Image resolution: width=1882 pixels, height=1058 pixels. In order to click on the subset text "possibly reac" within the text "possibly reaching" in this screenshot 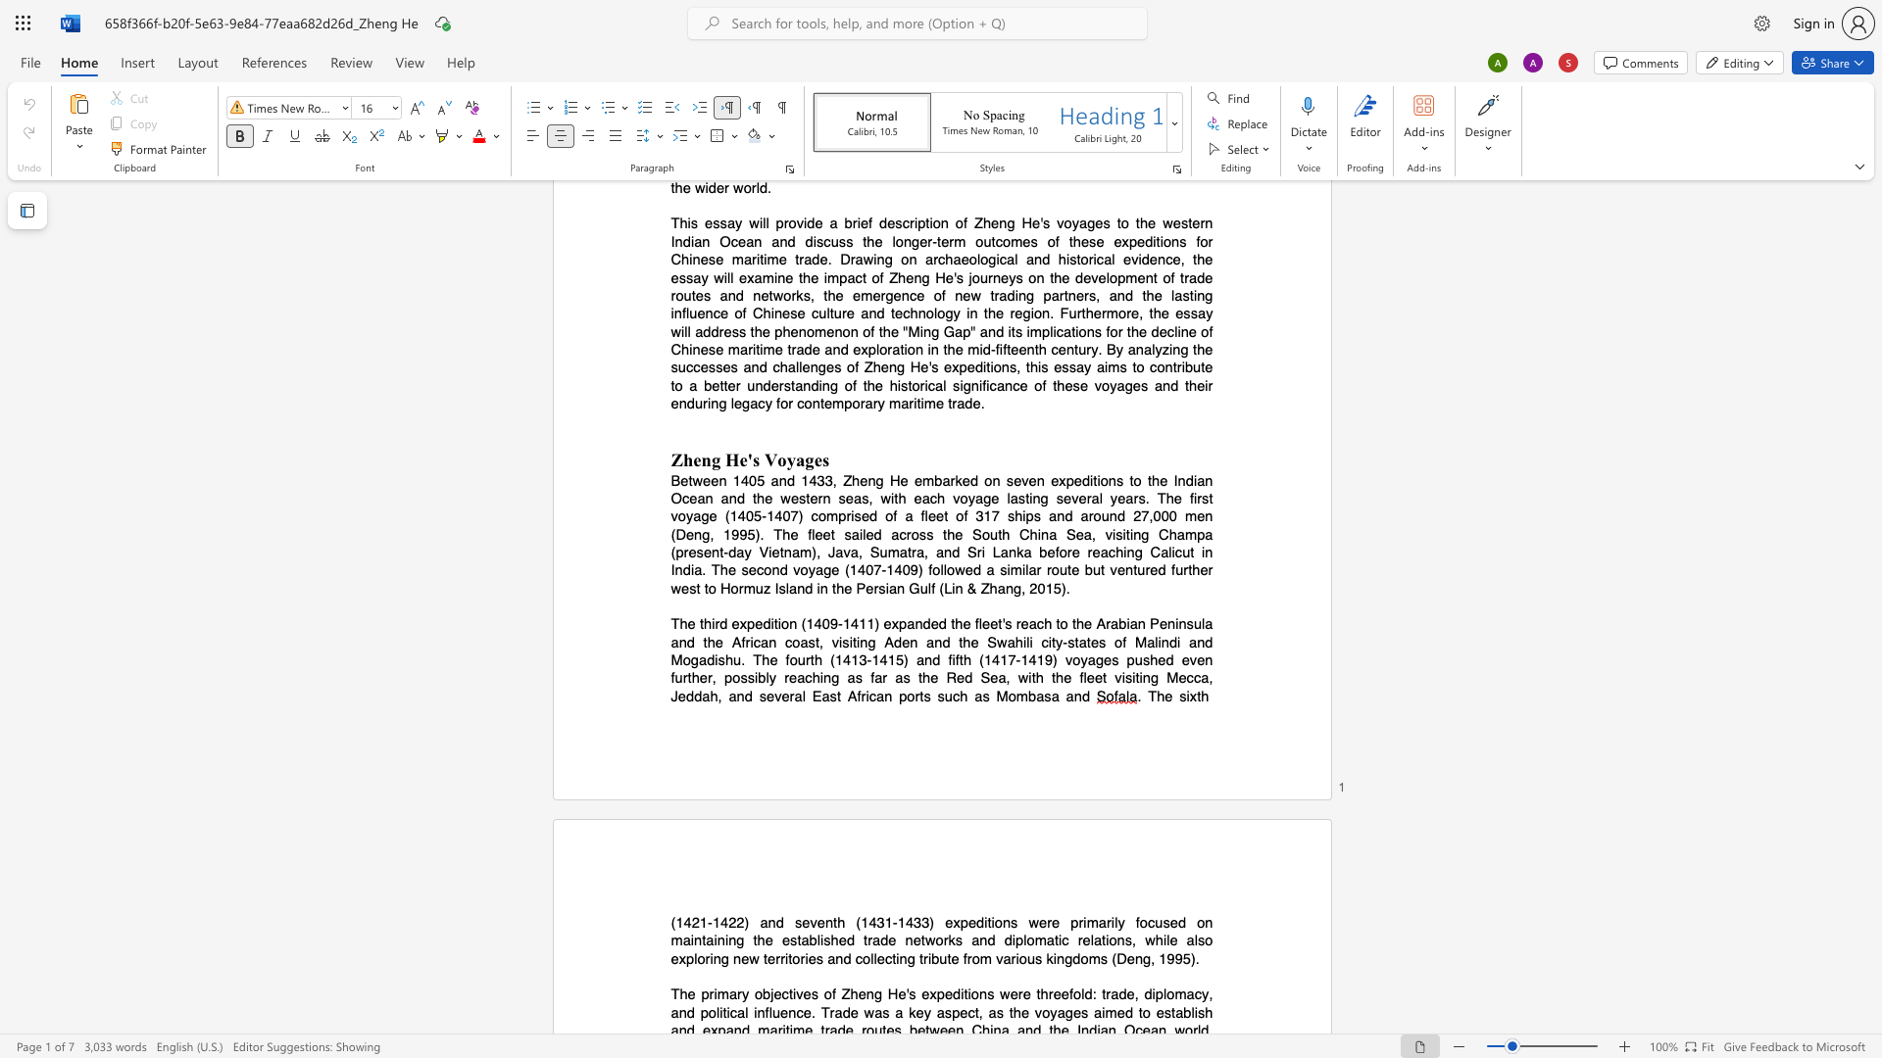, I will do `click(723, 677)`.